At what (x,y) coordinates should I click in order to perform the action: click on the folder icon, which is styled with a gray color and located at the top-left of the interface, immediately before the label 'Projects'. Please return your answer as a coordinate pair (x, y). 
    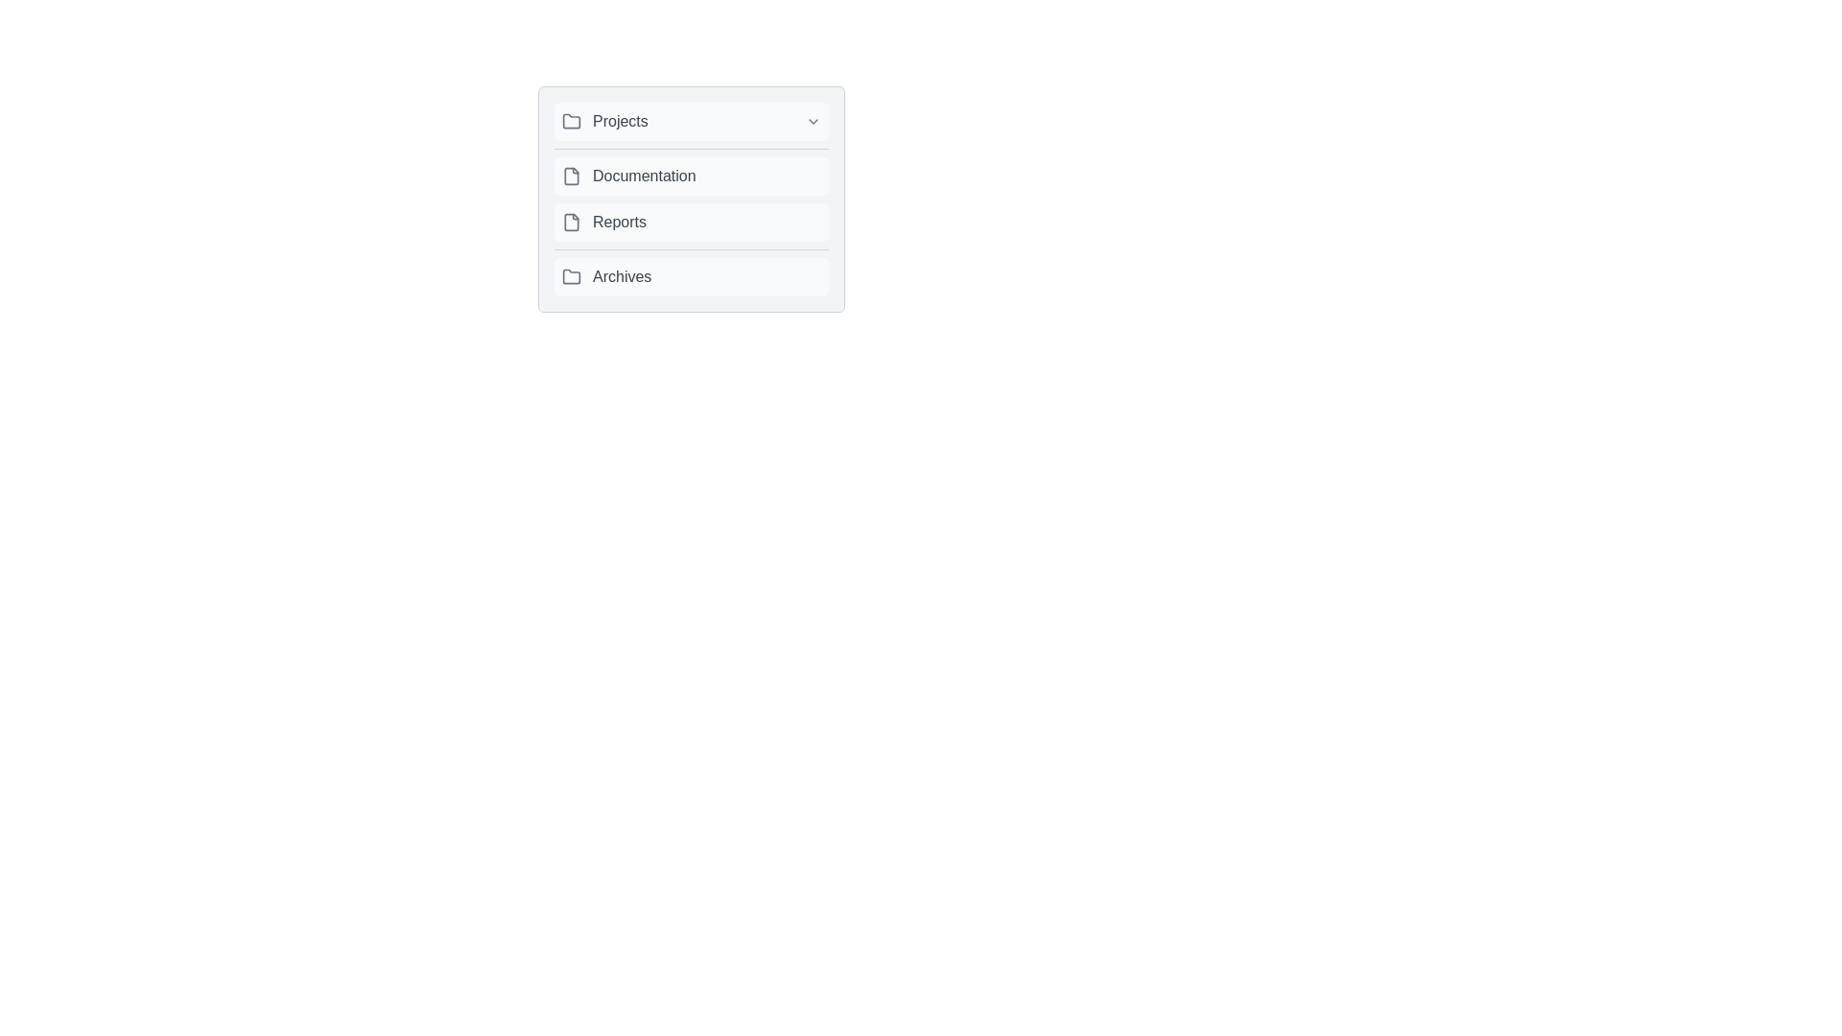
    Looking at the image, I should click on (570, 122).